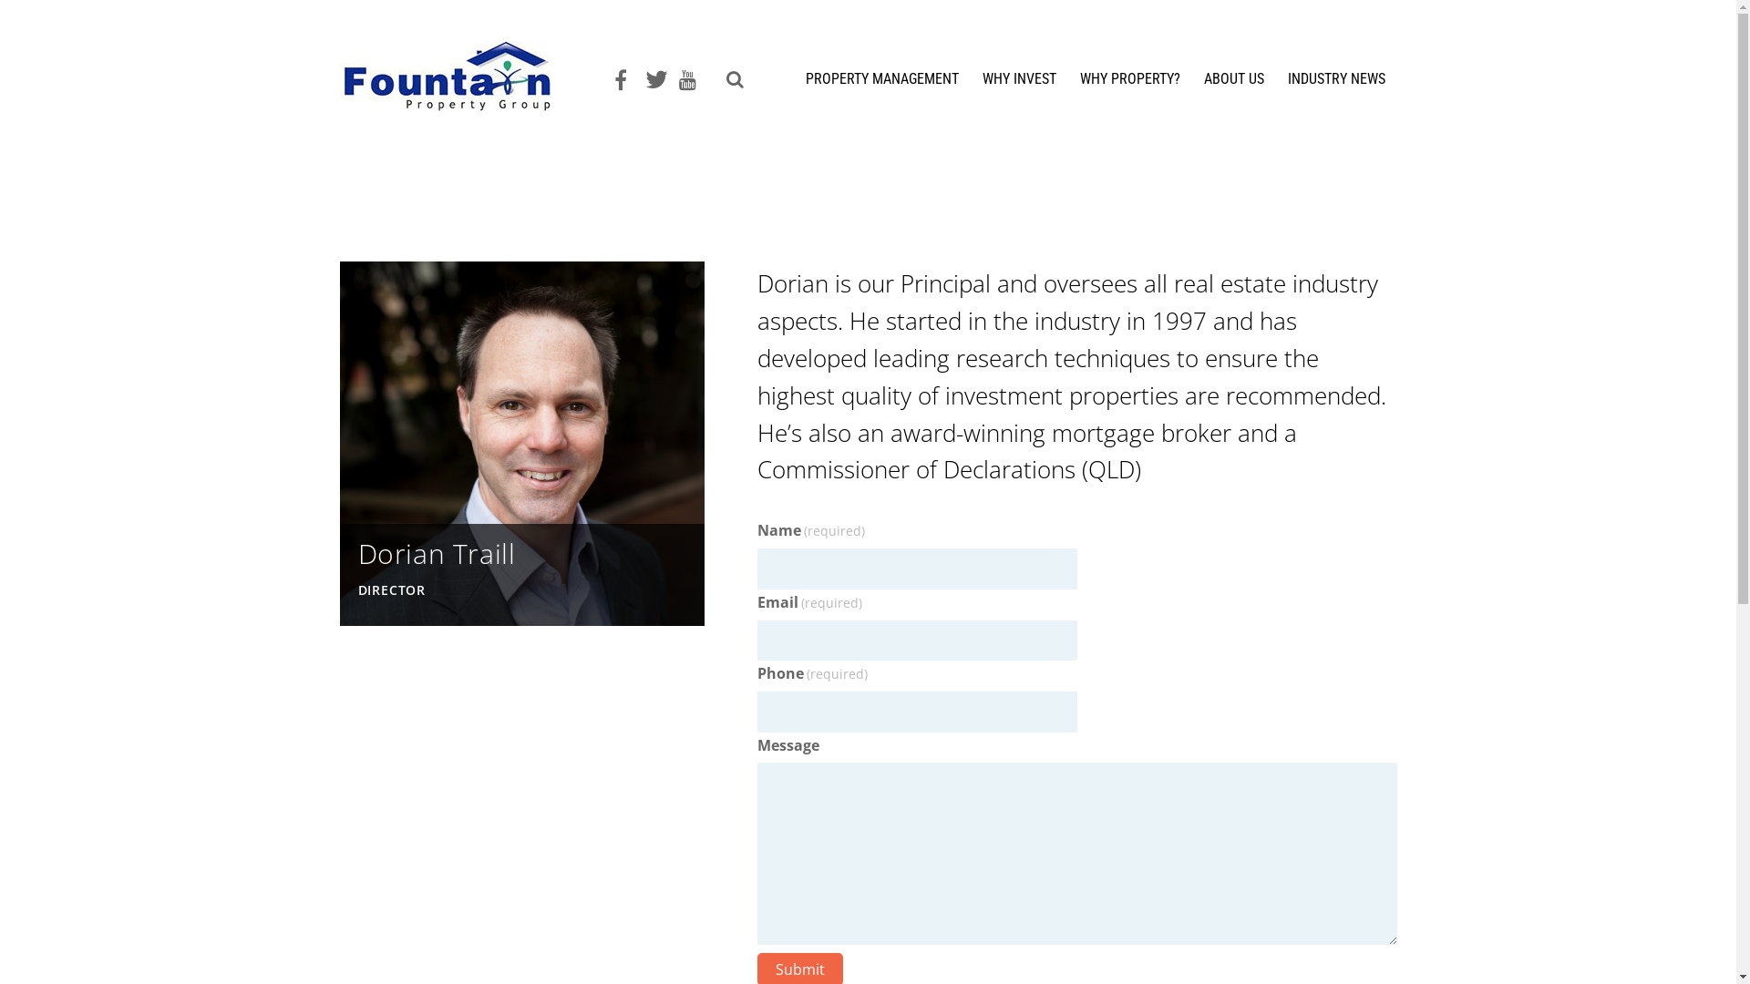 The width and height of the screenshot is (1750, 984). Describe the element at coordinates (459, 101) in the screenshot. I see `'Investment Property & Wealth Creation Strategies'` at that location.